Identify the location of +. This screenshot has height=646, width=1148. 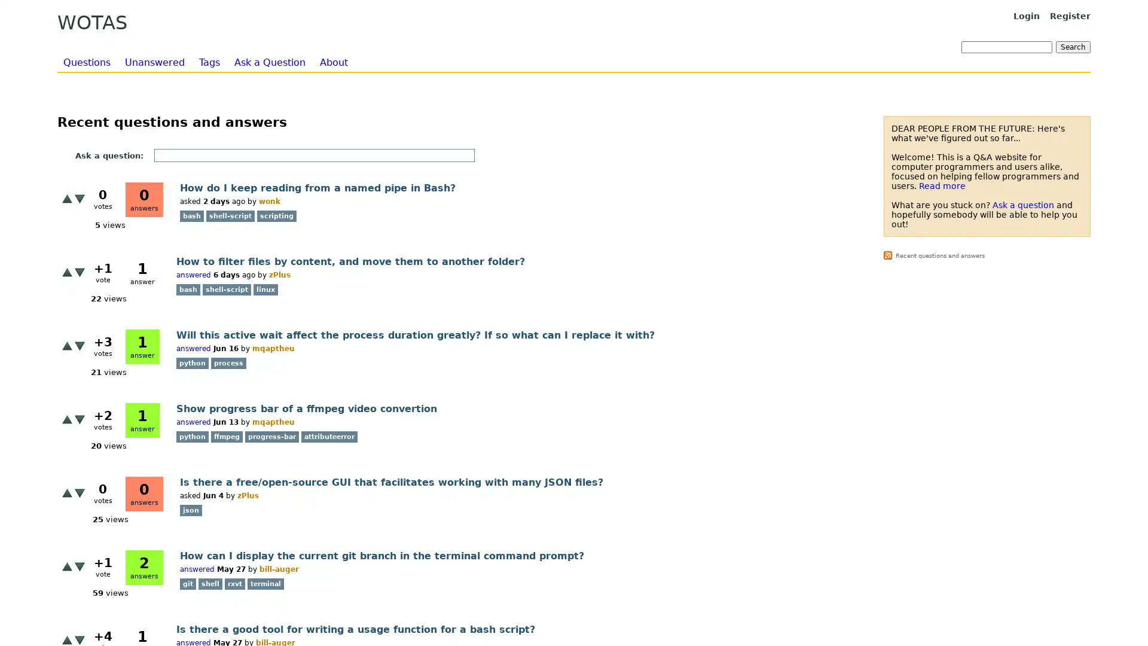
(66, 346).